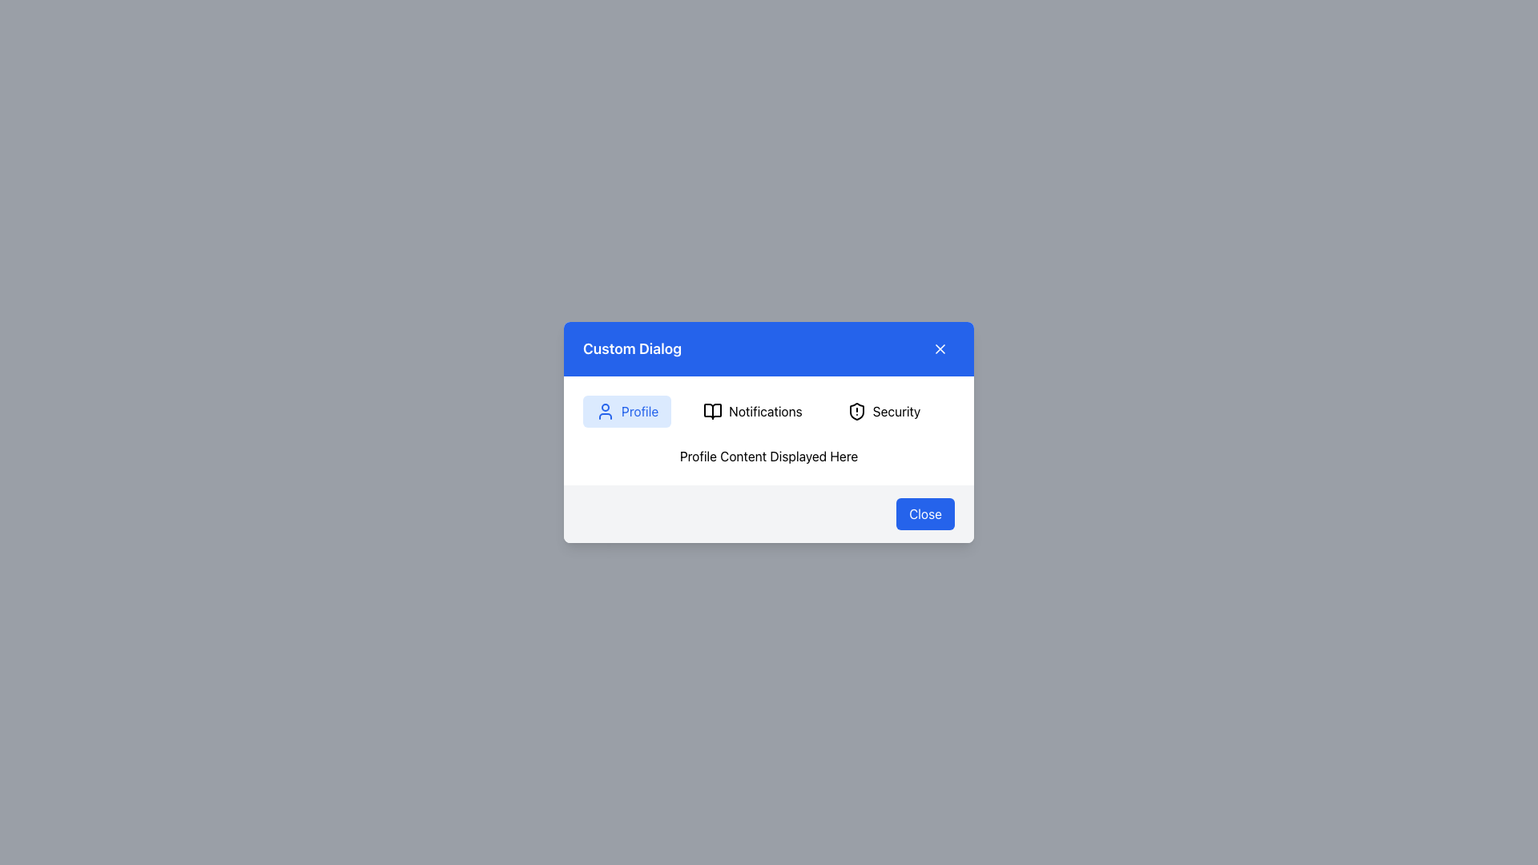 The image size is (1538, 865). Describe the element at coordinates (769, 457) in the screenshot. I see `the static text label displaying information for the 'Profile' tab, located in the middle section of the dialog box, below the tabs and above the 'Close' button` at that location.